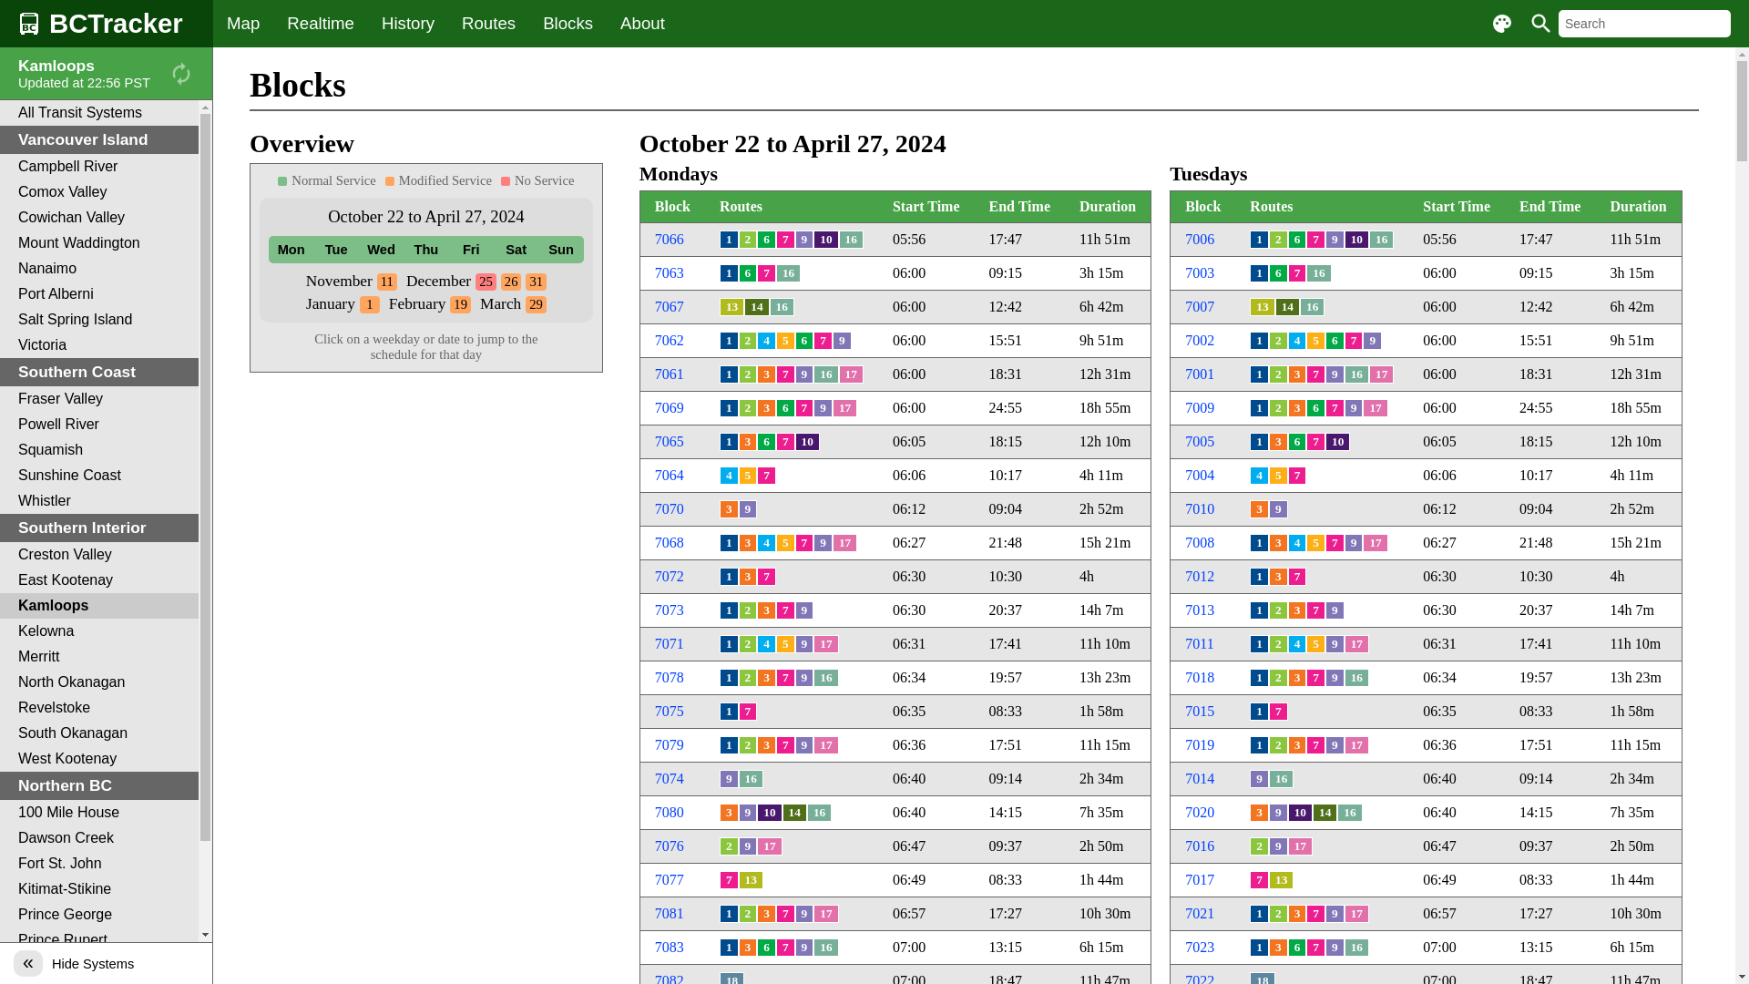 The width and height of the screenshot is (1749, 984). Describe the element at coordinates (1258, 744) in the screenshot. I see `'1'` at that location.